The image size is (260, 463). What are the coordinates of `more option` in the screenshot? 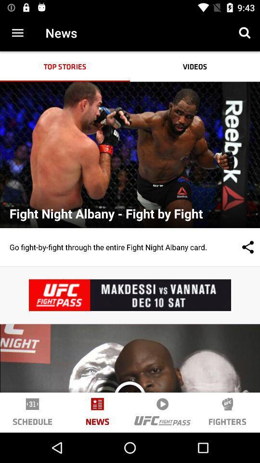 It's located at (17, 33).